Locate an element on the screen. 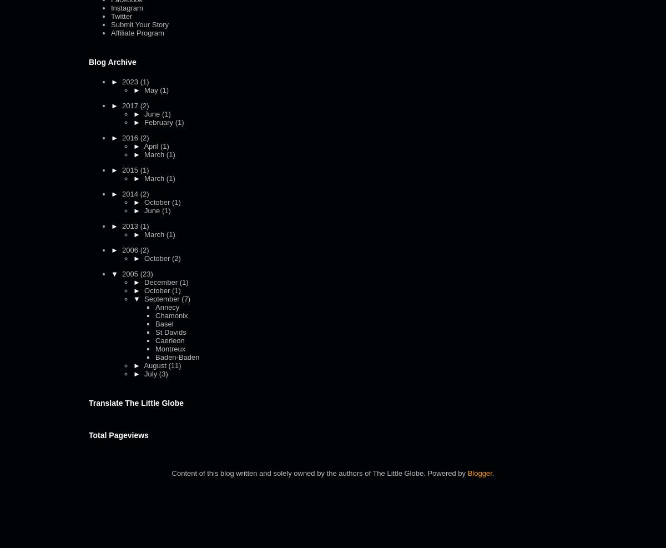 The image size is (666, 548). 'May' is located at coordinates (151, 89).